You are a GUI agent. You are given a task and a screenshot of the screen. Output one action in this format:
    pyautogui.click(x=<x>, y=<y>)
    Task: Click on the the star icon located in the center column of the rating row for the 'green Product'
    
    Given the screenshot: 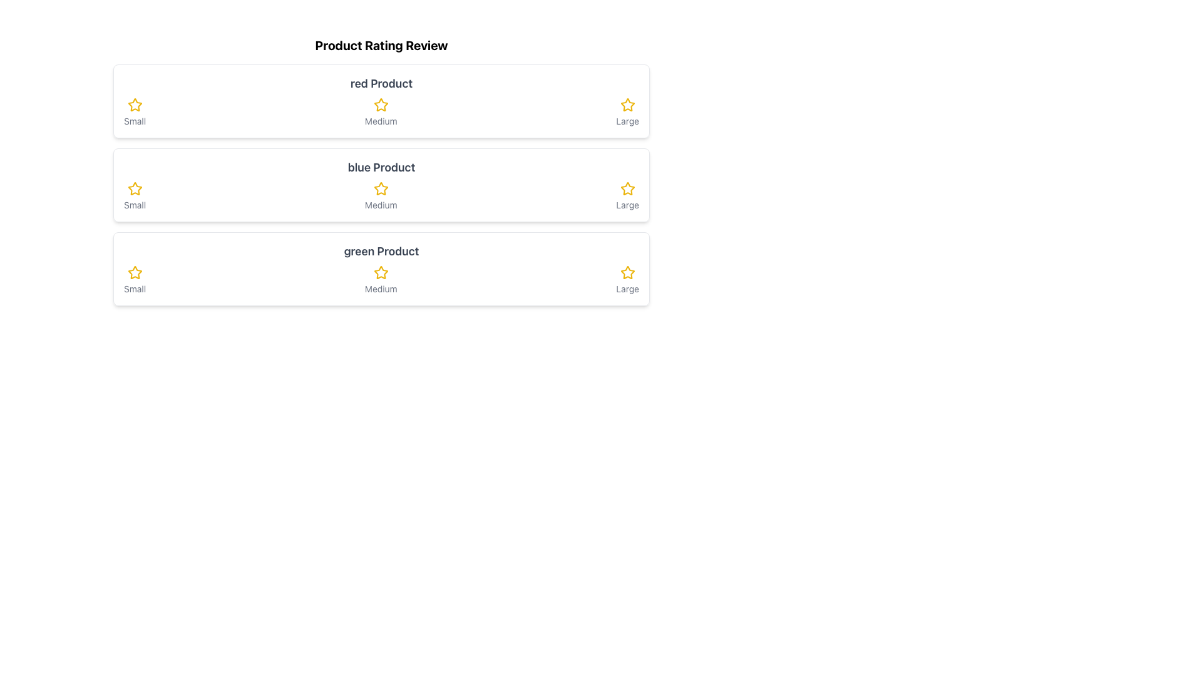 What is the action you would take?
    pyautogui.click(x=380, y=272)
    